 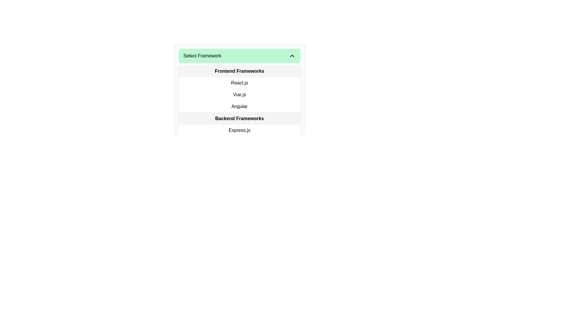 What do you see at coordinates (240, 130) in the screenshot?
I see `the selectable menu item for 'Express.js' in the dropdown titled 'Select Framework' to observe its hover effect` at bounding box center [240, 130].